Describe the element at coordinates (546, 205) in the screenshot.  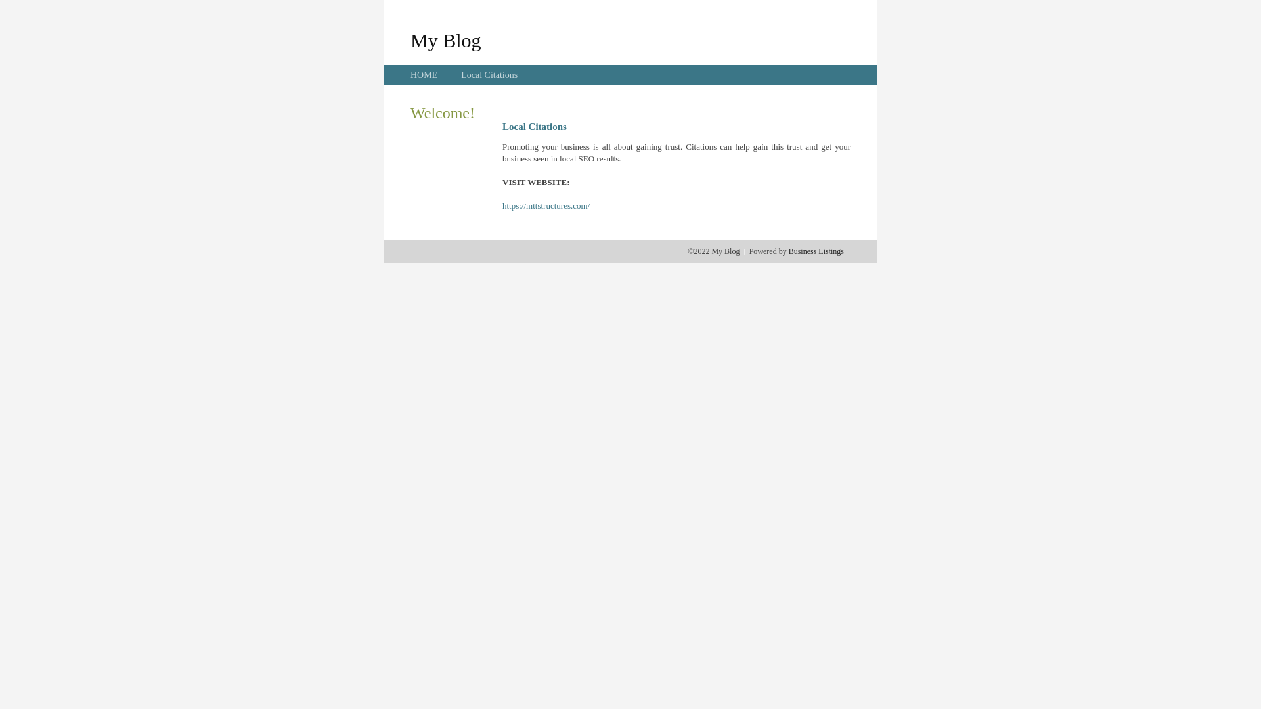
I see `'https://mttstructures.com/'` at that location.